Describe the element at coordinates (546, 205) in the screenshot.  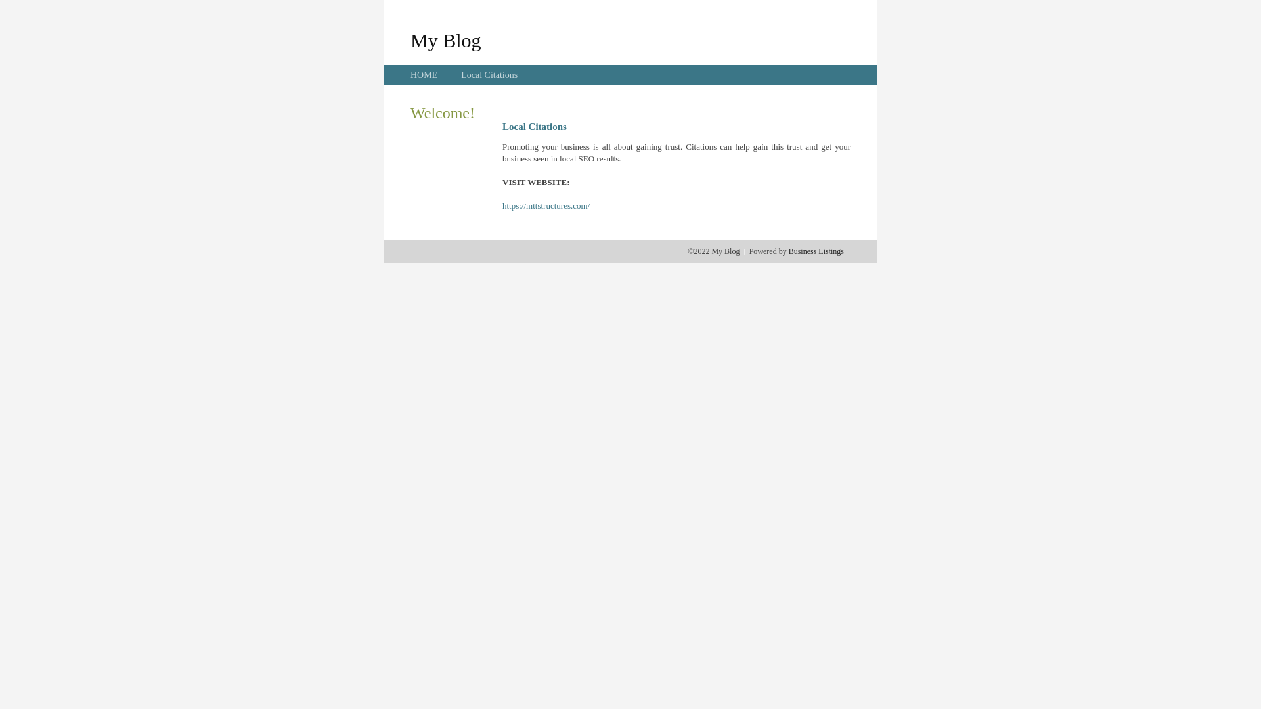
I see `'https://mttstructures.com/'` at that location.